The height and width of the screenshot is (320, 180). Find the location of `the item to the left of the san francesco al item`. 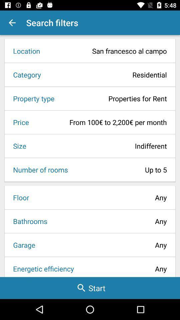

the item to the left of the san francesco al item is located at coordinates (24, 51).